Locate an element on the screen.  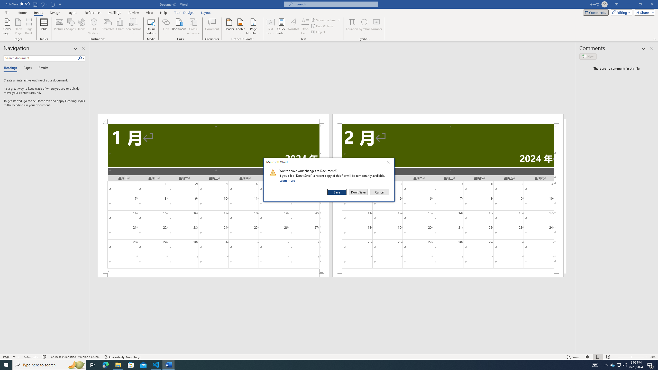
'3D Models' is located at coordinates (94, 22).